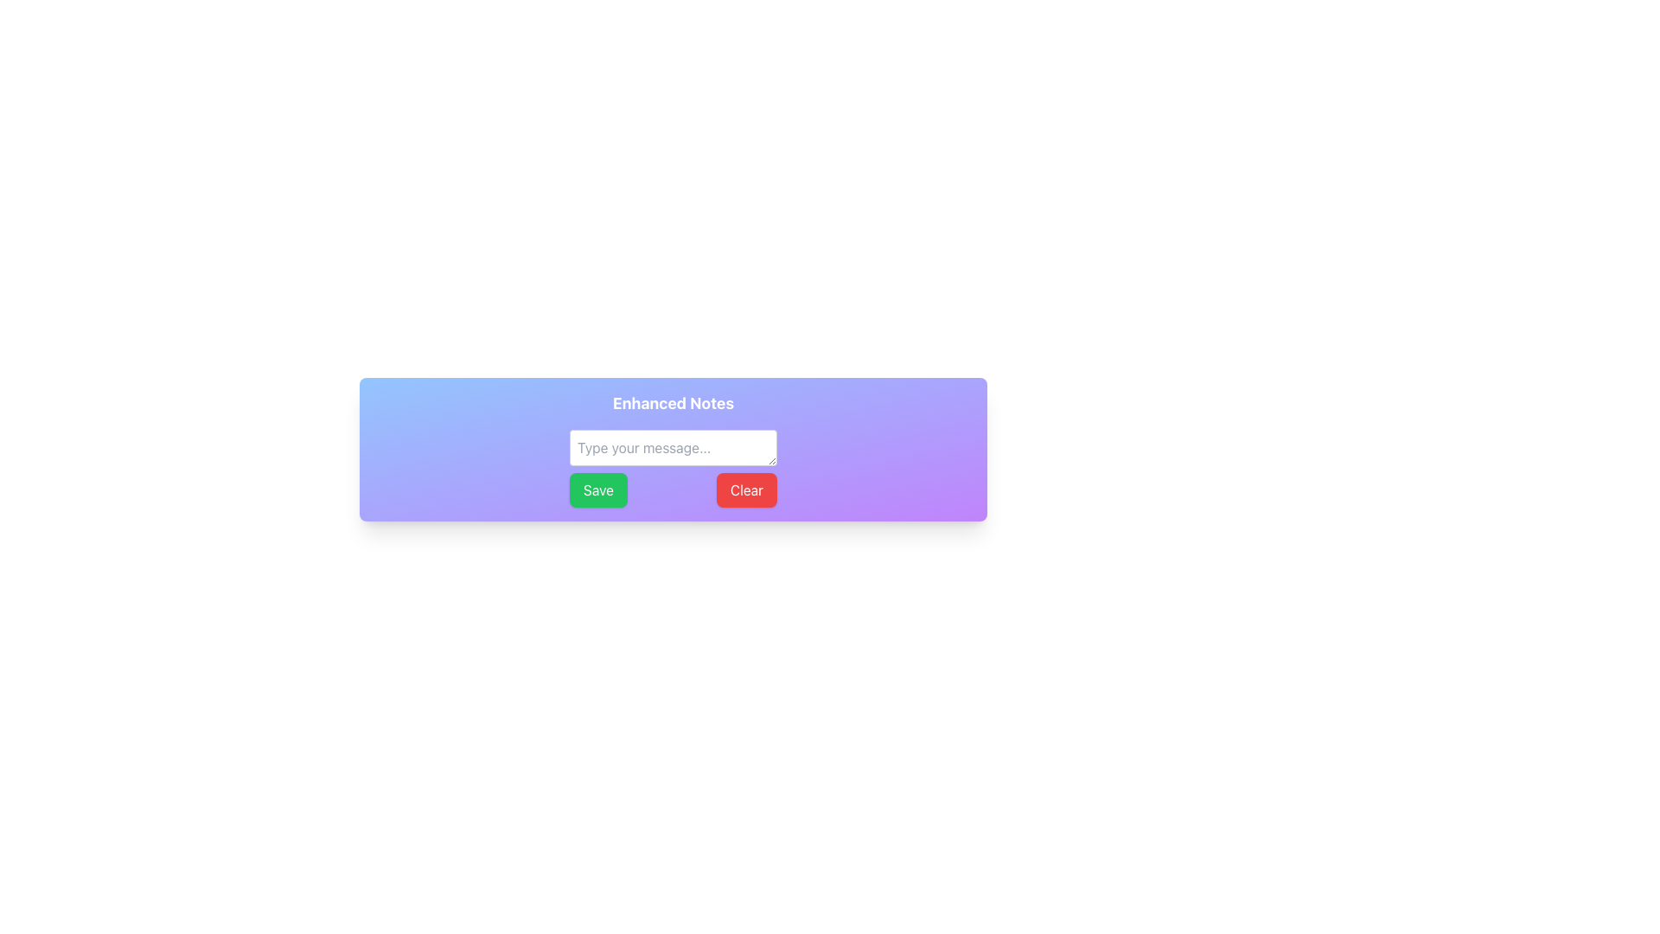 Image resolution: width=1660 pixels, height=934 pixels. I want to click on the 'Save' button located to the left of the red 'Clear' button, positioned centrally below the 'Enhanced Notes' text input field, so click(598, 490).